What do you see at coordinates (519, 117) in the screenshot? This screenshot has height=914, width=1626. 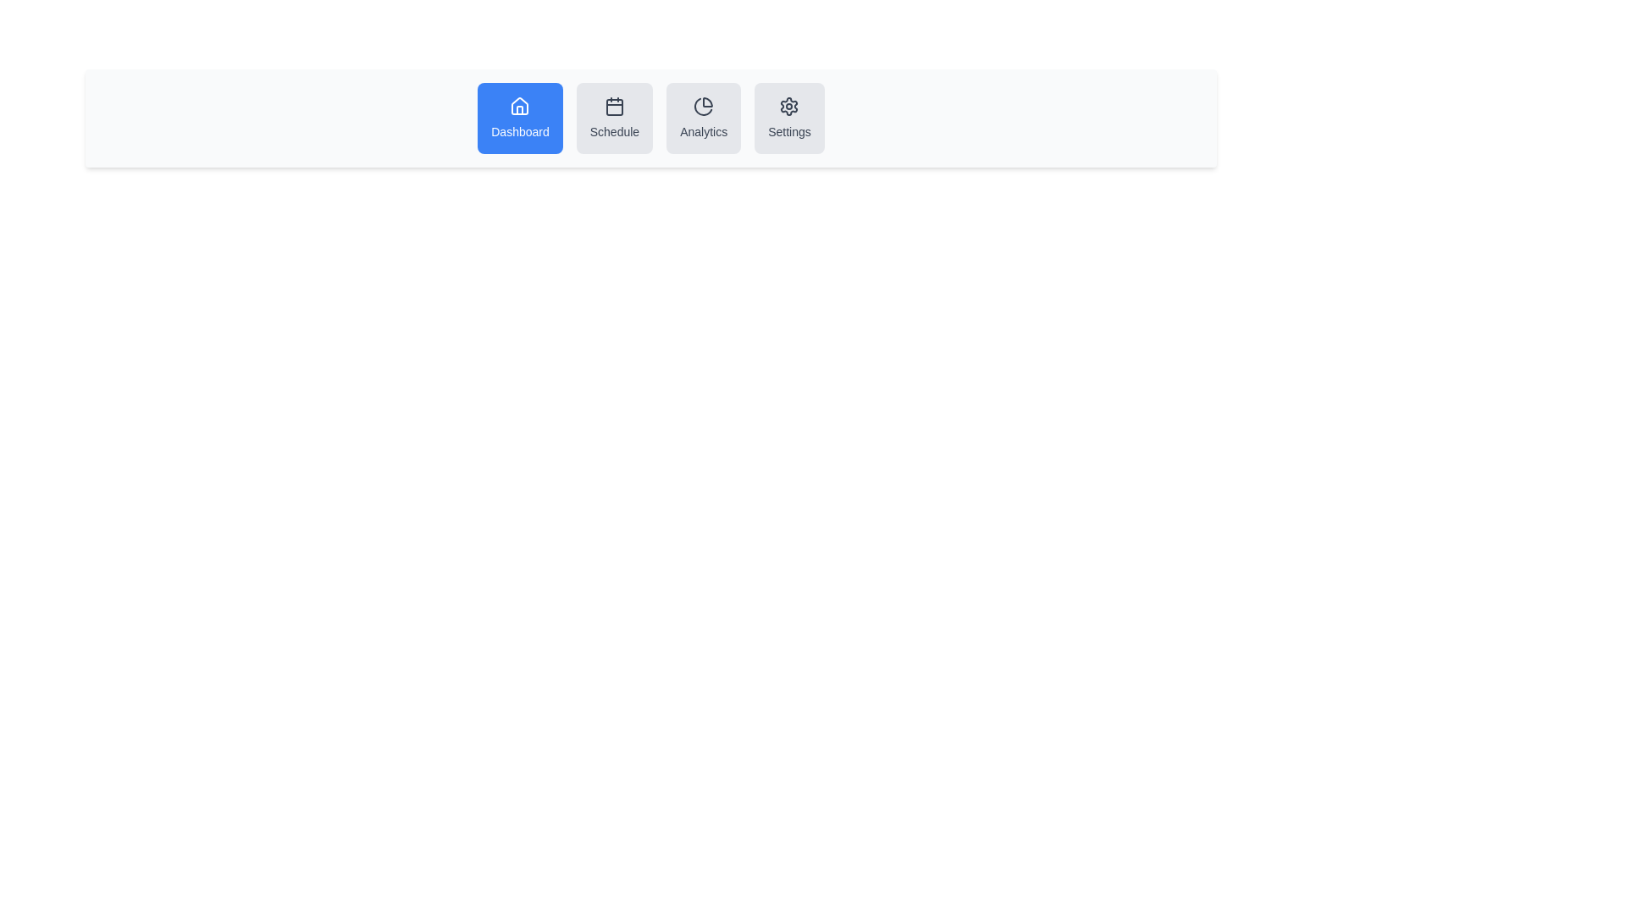 I see `the button labeled Dashboard to view its tooltip or effect` at bounding box center [519, 117].